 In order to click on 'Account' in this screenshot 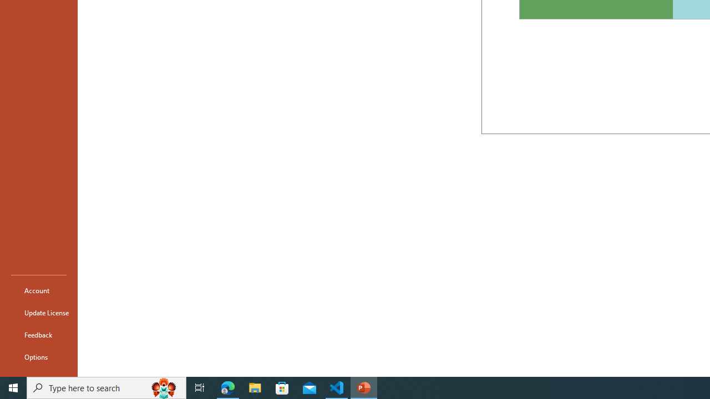, I will do `click(38, 290)`.